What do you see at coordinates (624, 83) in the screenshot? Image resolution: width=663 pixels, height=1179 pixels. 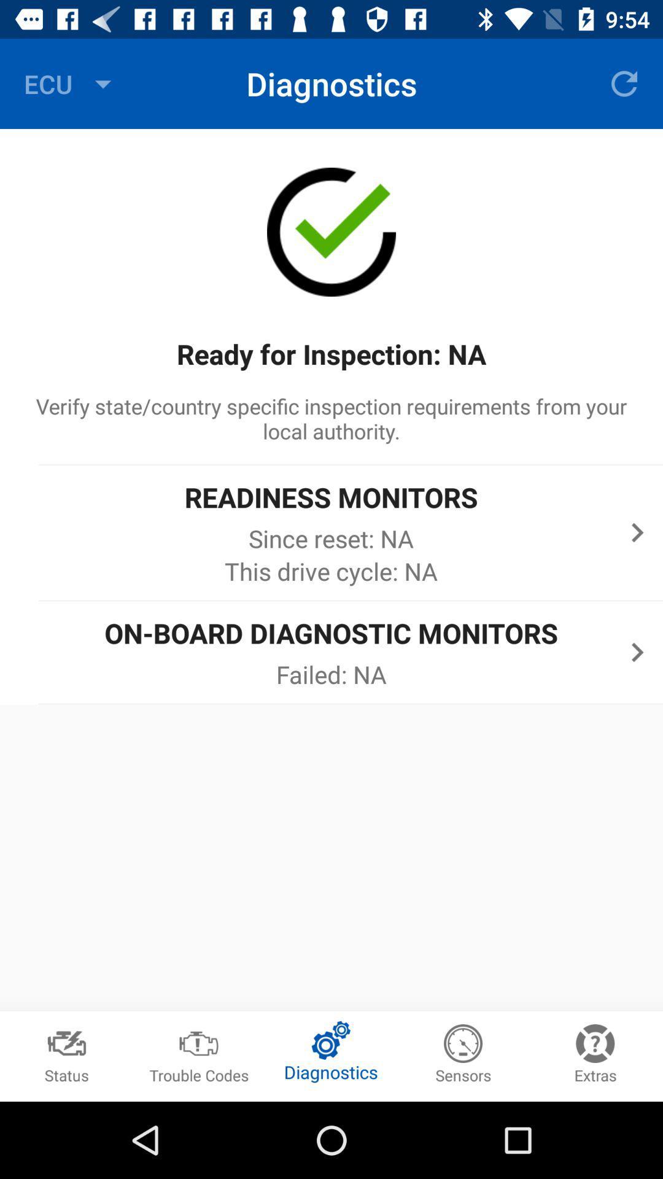 I see `the icon at the top right corner` at bounding box center [624, 83].